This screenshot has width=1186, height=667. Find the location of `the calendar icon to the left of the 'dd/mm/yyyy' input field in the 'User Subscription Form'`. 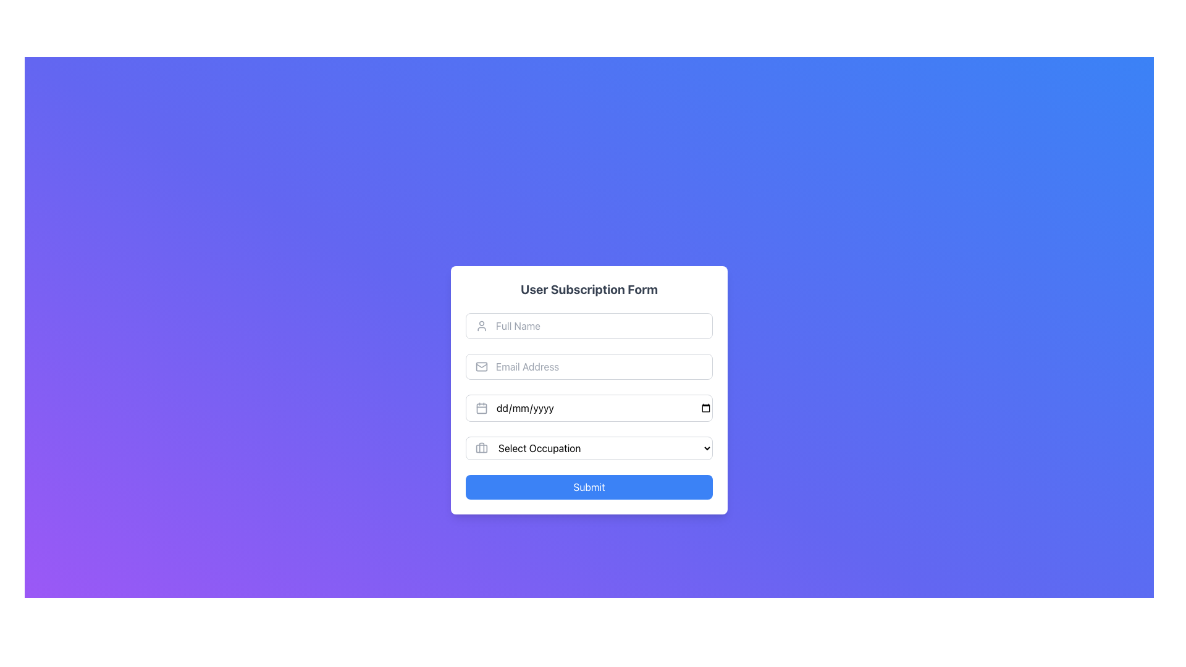

the calendar icon to the left of the 'dd/mm/yyyy' input field in the 'User Subscription Form' is located at coordinates (481, 408).